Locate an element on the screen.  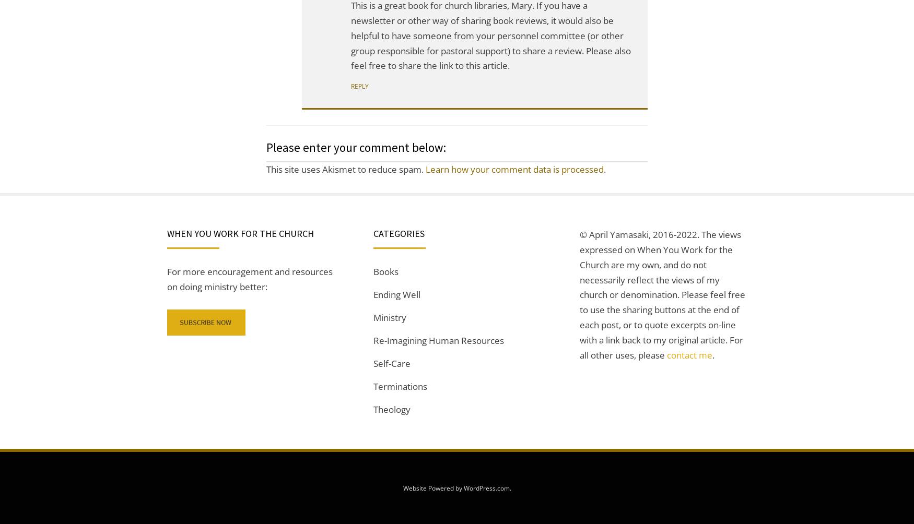
'Website Powered by WordPress.com' is located at coordinates (456, 487).